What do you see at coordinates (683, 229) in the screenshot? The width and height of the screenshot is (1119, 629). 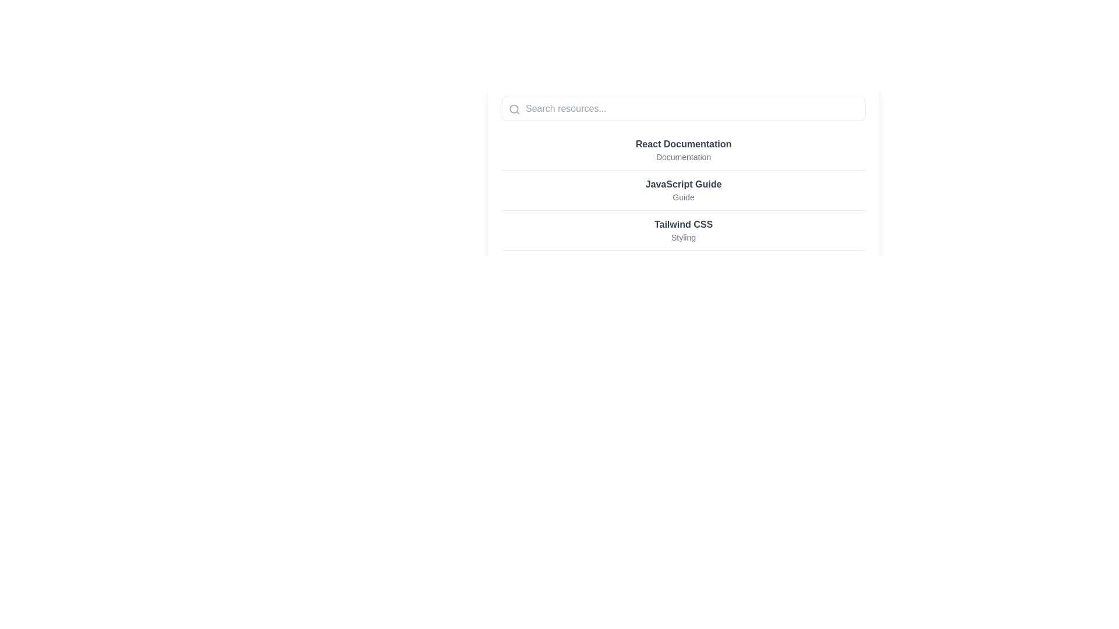 I see `the third list item which displays 'Tailwind CSS' in bold dark gray and 'Styling' in lighter gray` at bounding box center [683, 229].